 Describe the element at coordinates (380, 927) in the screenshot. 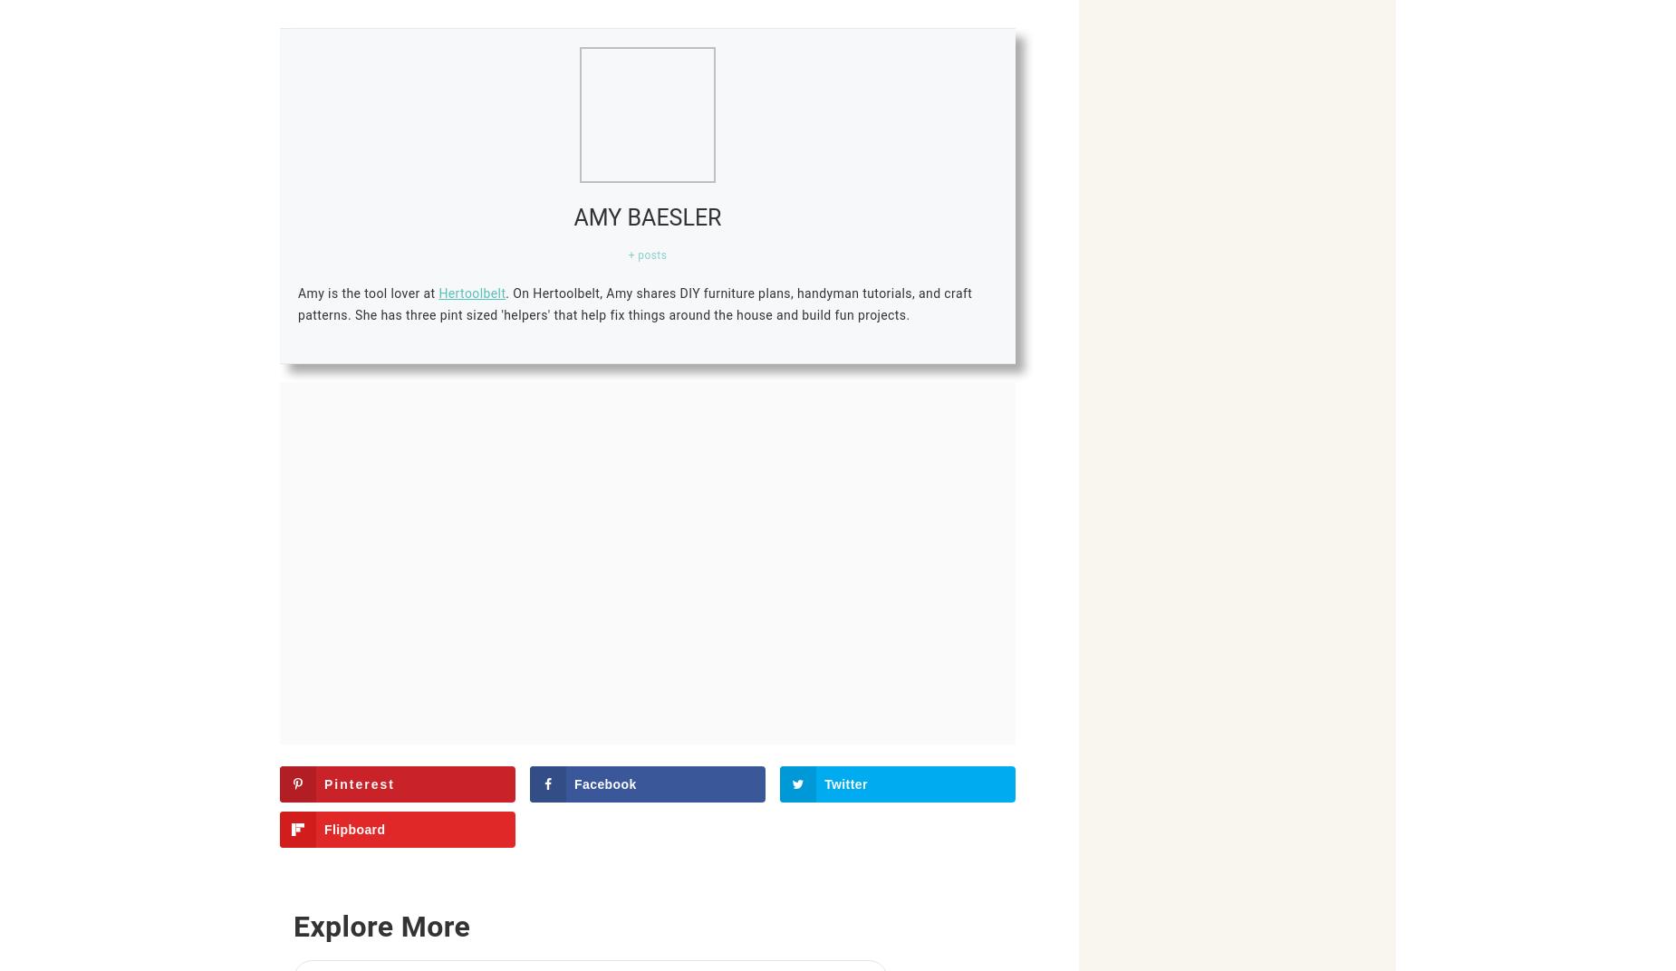

I see `'Explore More'` at that location.